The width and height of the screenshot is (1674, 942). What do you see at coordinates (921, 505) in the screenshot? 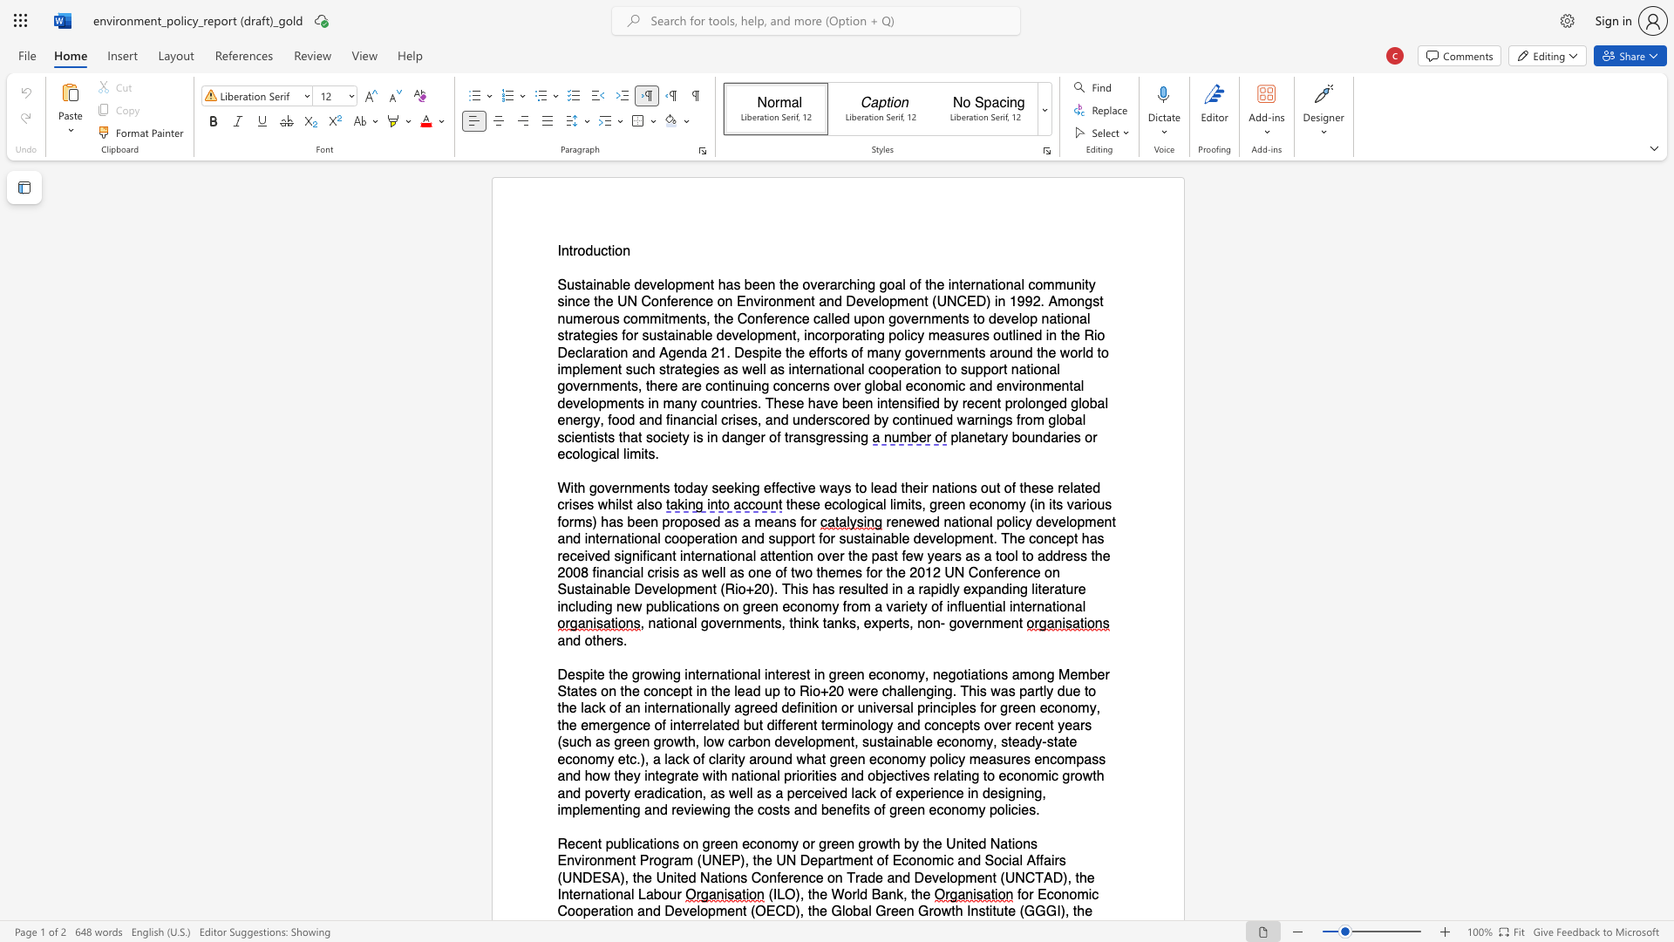
I see `the subset text ", green economy (in its various forms) has be" within the text "these ecological limits, green economy (in its various forms) has been proposed as a means for"` at bounding box center [921, 505].